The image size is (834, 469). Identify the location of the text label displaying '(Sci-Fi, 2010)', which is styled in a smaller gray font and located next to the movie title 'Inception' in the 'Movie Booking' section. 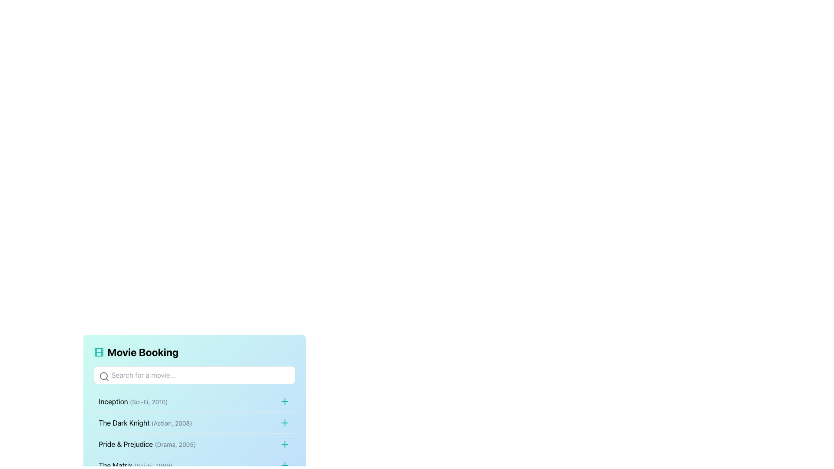
(149, 402).